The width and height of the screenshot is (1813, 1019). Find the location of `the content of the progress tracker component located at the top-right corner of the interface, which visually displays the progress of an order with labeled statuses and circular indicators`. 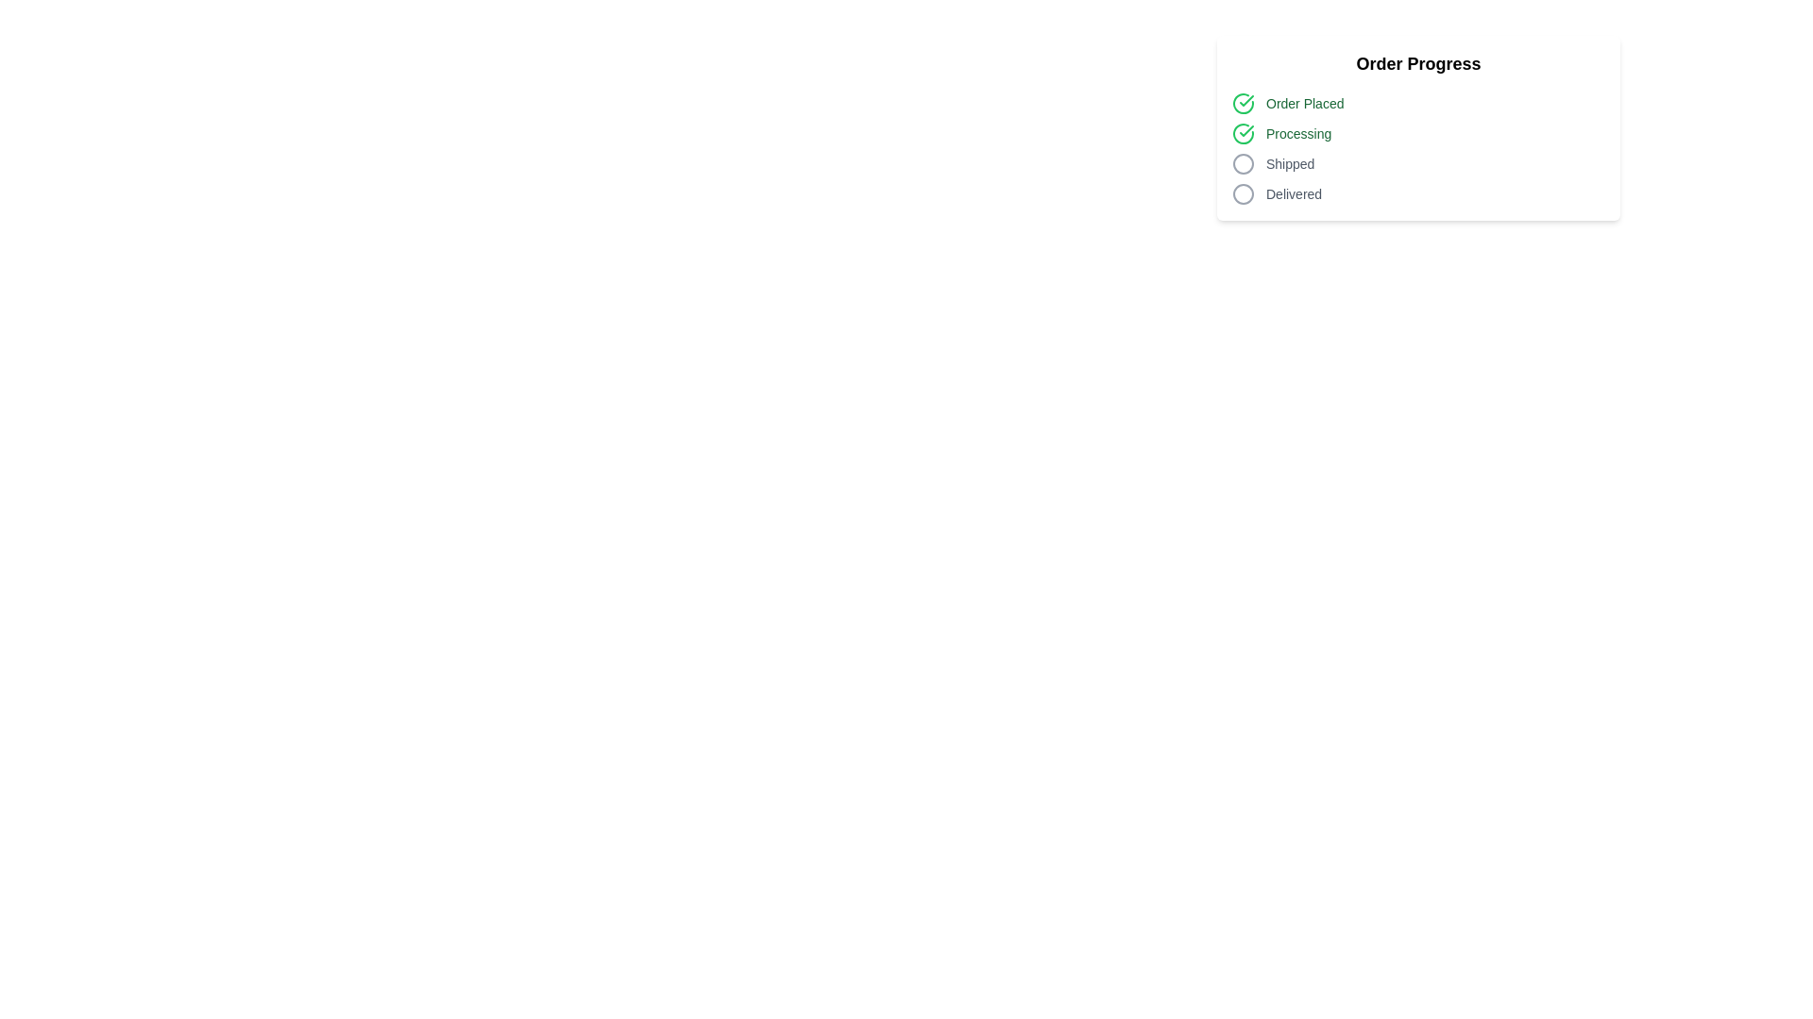

the content of the progress tracker component located at the top-right corner of the interface, which visually displays the progress of an order with labeled statuses and circular indicators is located at coordinates (1418, 127).